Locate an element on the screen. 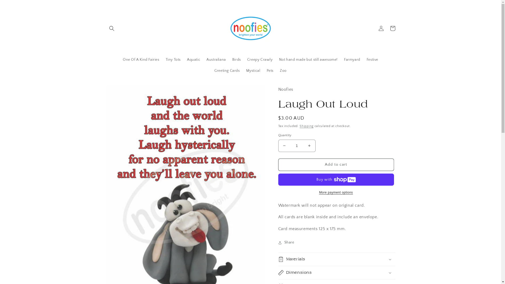 This screenshot has width=505, height=284. 'One Of A Kind Fairies' is located at coordinates (141, 59).